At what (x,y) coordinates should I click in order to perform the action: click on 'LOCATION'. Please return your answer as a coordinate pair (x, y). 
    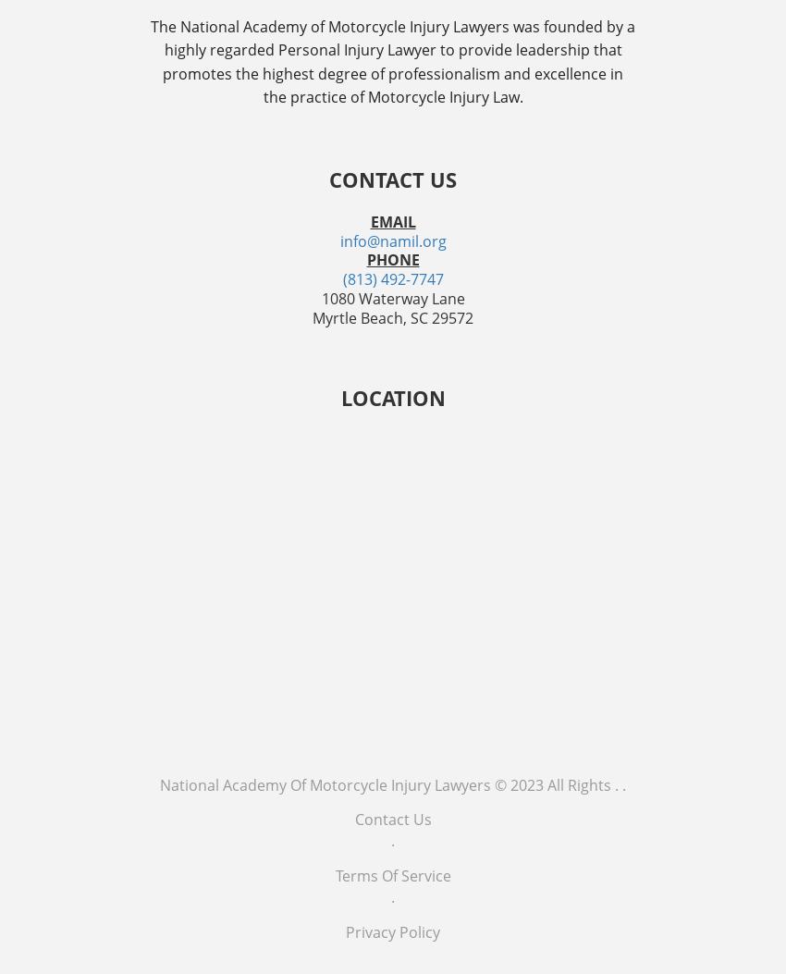
    Looking at the image, I should click on (392, 396).